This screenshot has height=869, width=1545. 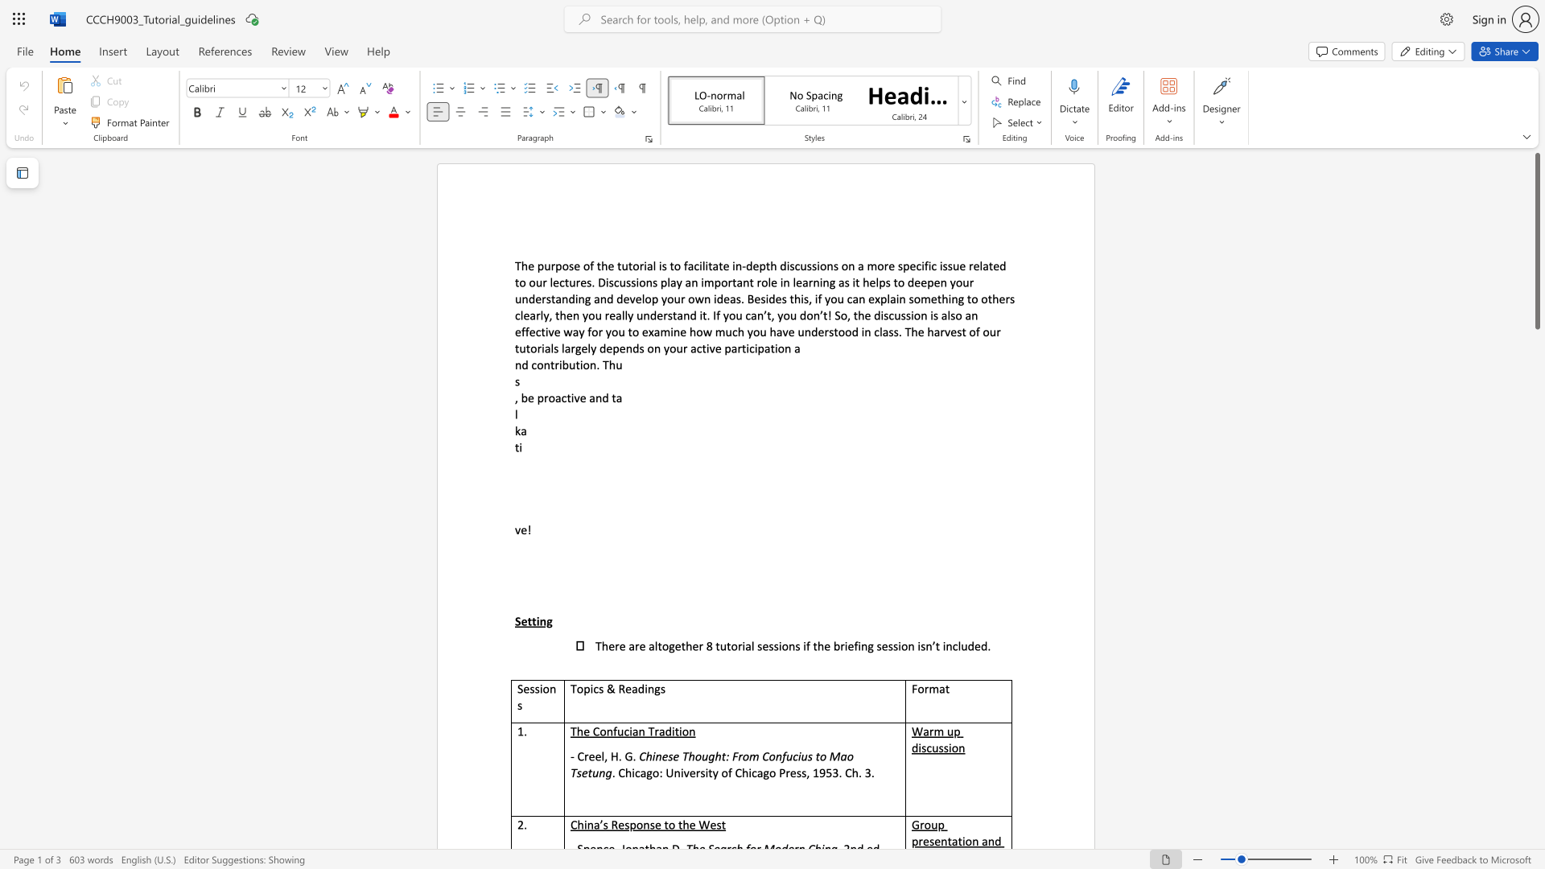 I want to click on the scrollbar to move the page down, so click(x=1536, y=402).